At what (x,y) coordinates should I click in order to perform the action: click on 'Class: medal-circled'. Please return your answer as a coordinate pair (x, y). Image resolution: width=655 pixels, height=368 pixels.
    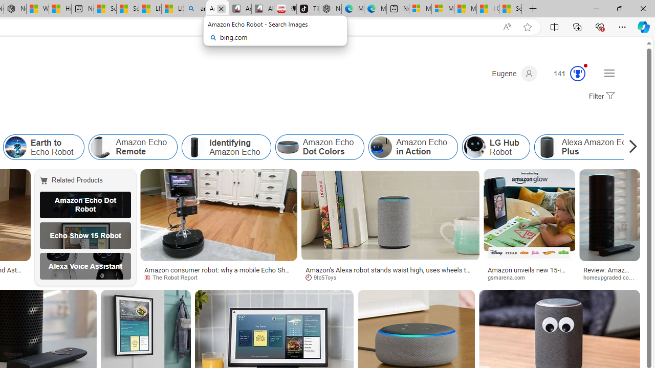
    Looking at the image, I should click on (578, 73).